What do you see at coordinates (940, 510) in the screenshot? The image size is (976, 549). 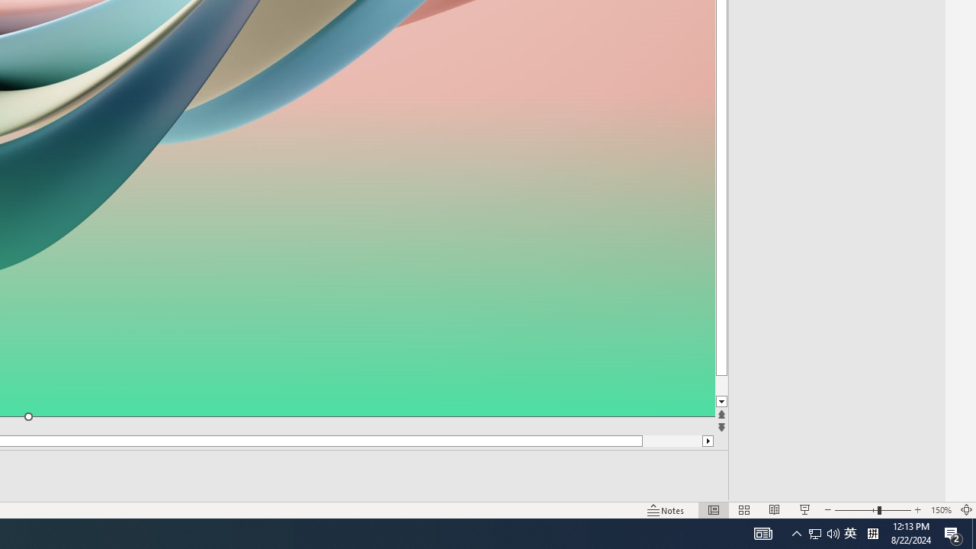 I see `'Zoom 150%'` at bounding box center [940, 510].